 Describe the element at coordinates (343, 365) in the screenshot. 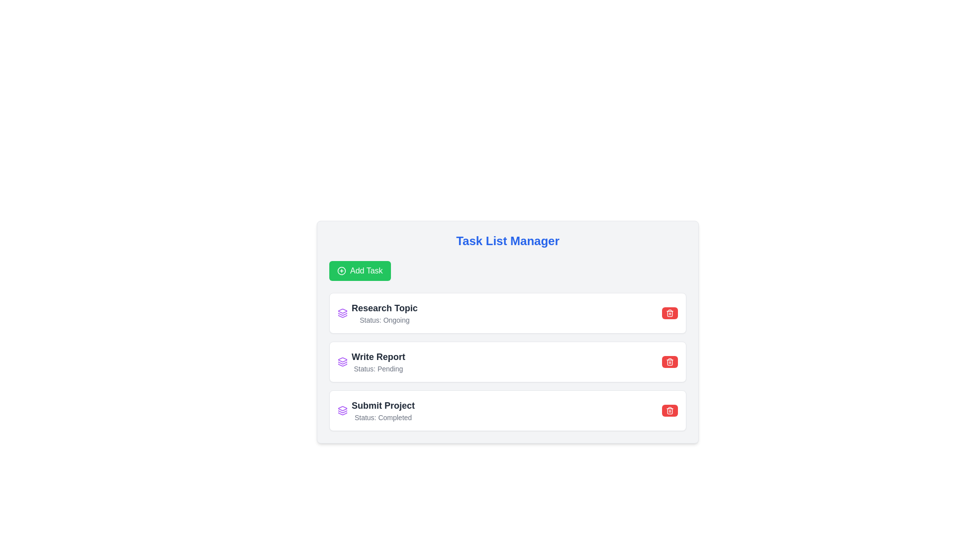

I see `the triangular-shaped icon with a purple outline, which is the third subcomponent in the layered SVG icon, located towards the bottom of the stack and to the left of the text 'Research Topic'` at that location.